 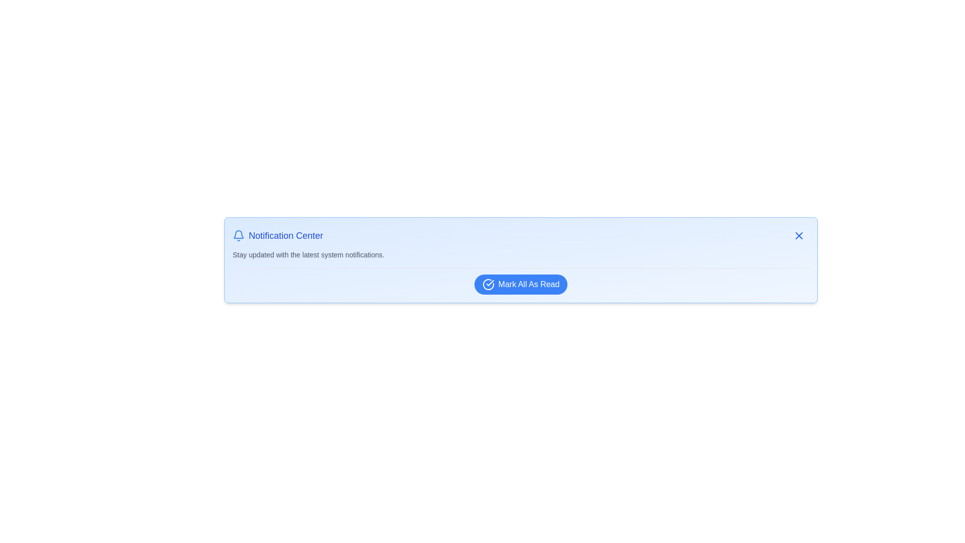 I want to click on the circular blue icon with a checkmark inside, located to the left of the 'Mark All As Read' button in the notification panel, so click(x=488, y=285).